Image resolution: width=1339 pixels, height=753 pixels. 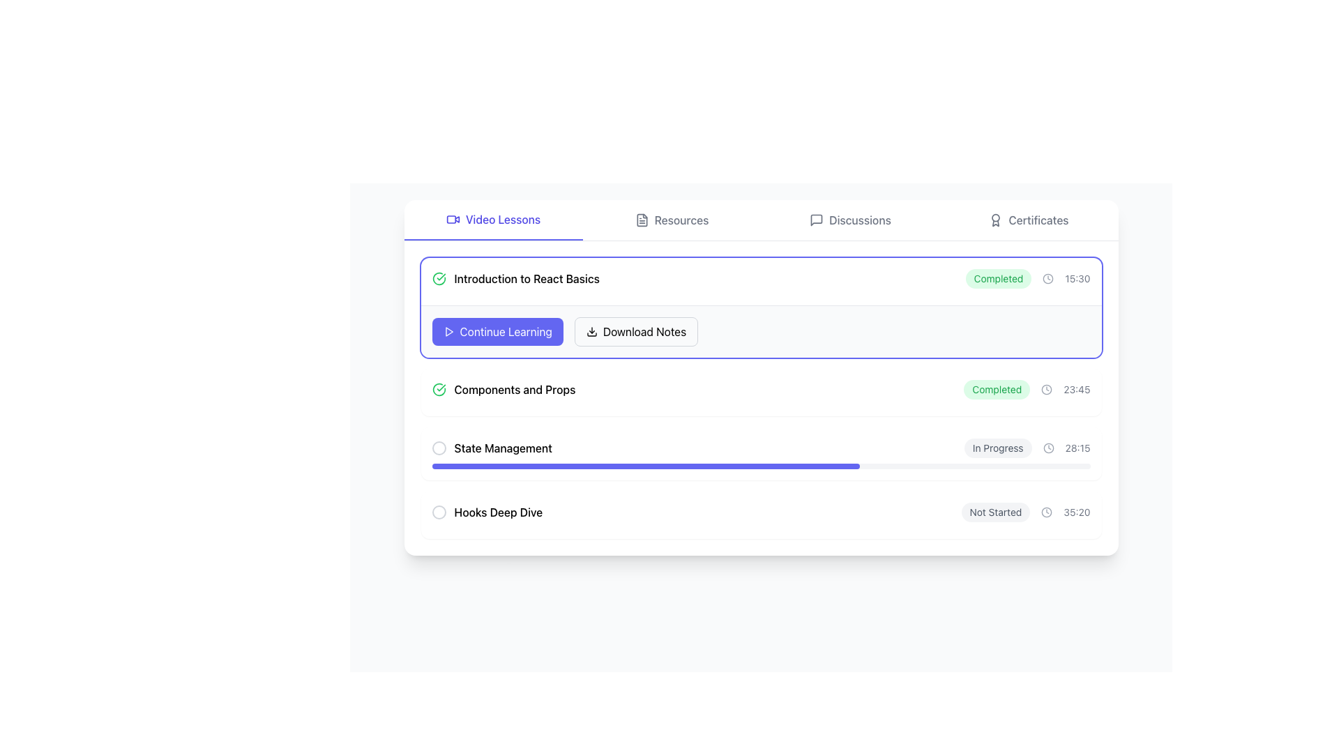 What do you see at coordinates (817, 220) in the screenshot?
I see `the chat bubble icon located to the left of the 'Discussions' label in the horizontal navigation bar` at bounding box center [817, 220].